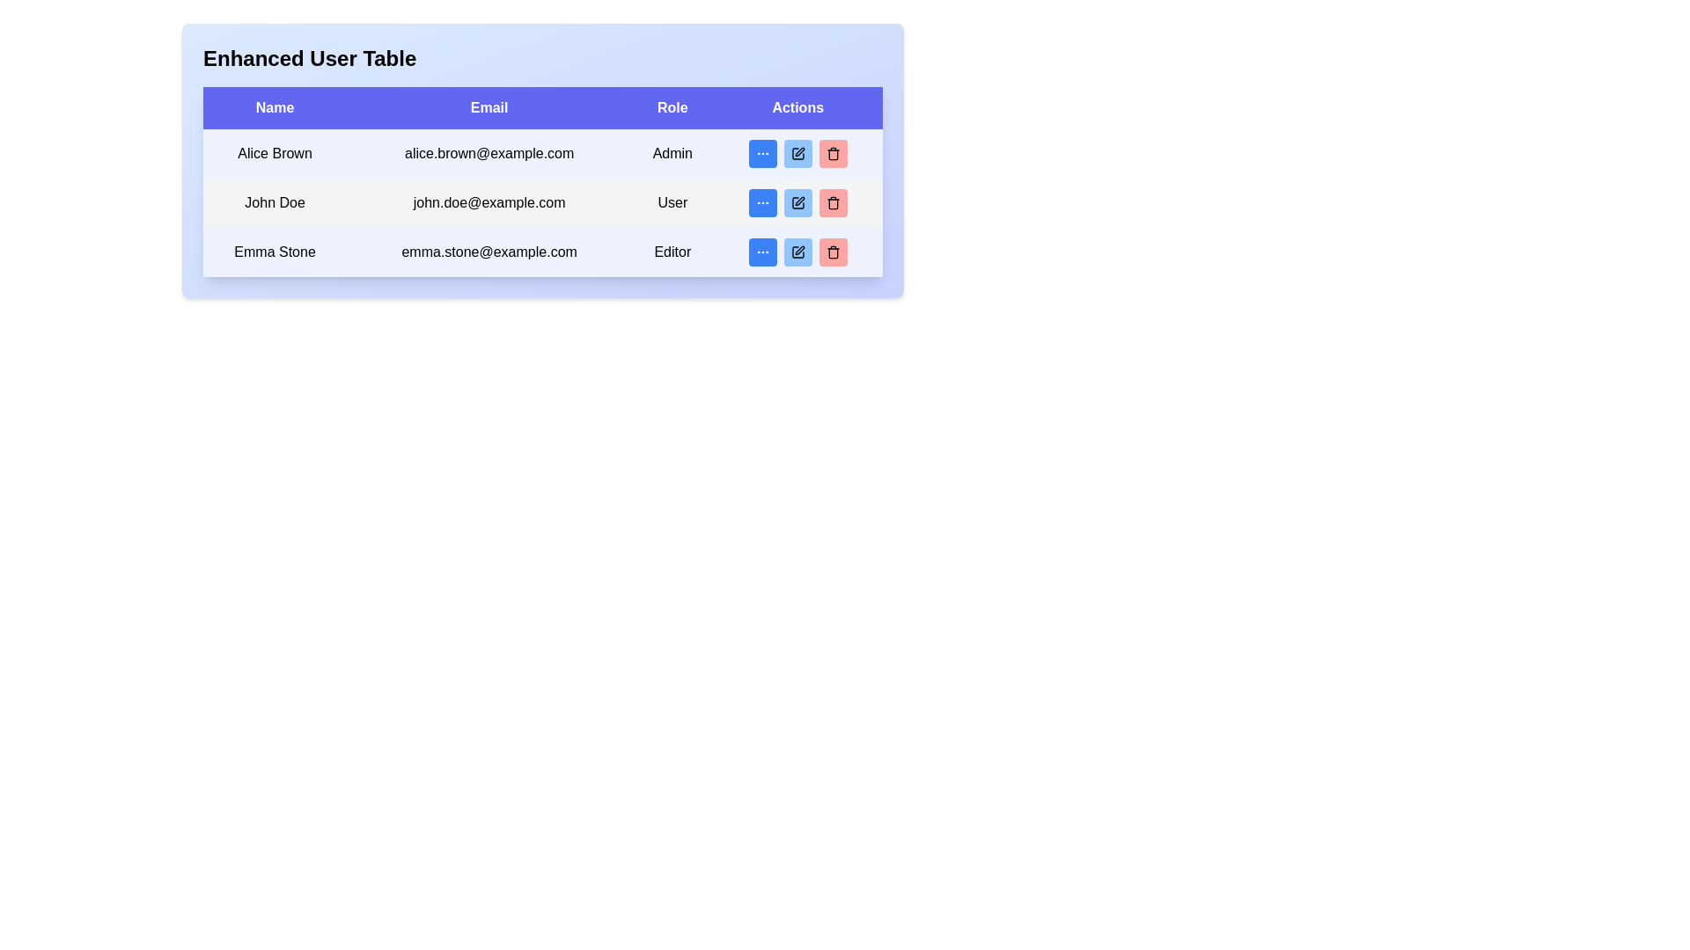 The height and width of the screenshot is (950, 1690). I want to click on the 'Name' label, which is a rectangular tab with a purple background and bold white text, located in the header row of a table layout as the first header column, so click(274, 108).